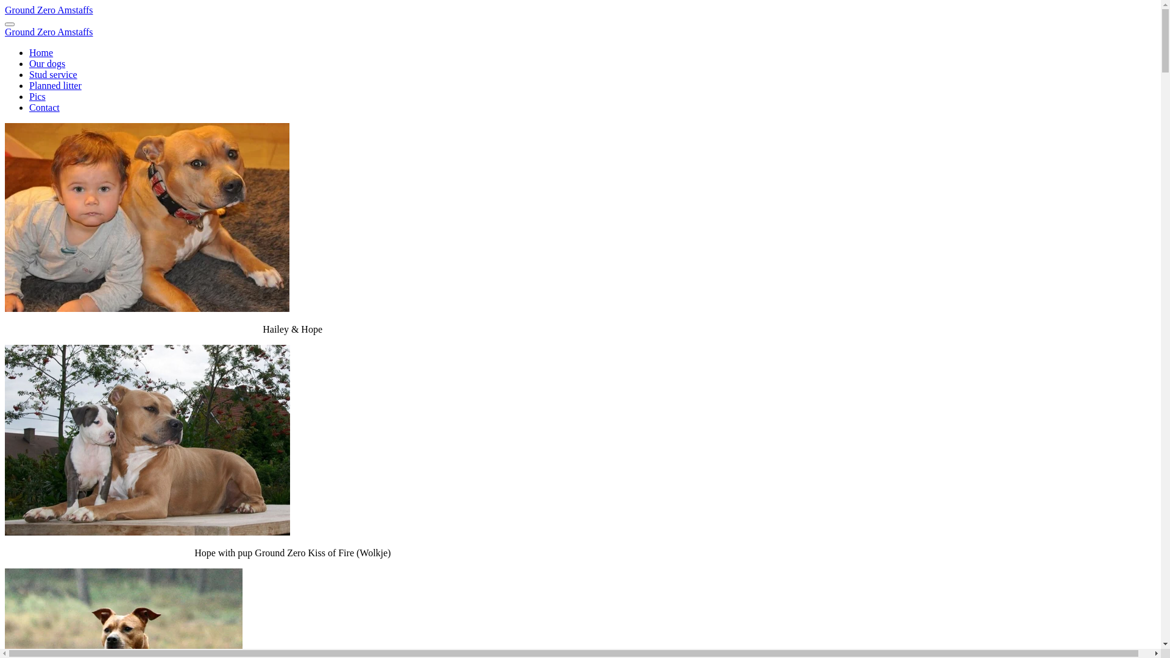 The image size is (1170, 658). I want to click on 'Ground Zero Amstaffs', so click(49, 10).